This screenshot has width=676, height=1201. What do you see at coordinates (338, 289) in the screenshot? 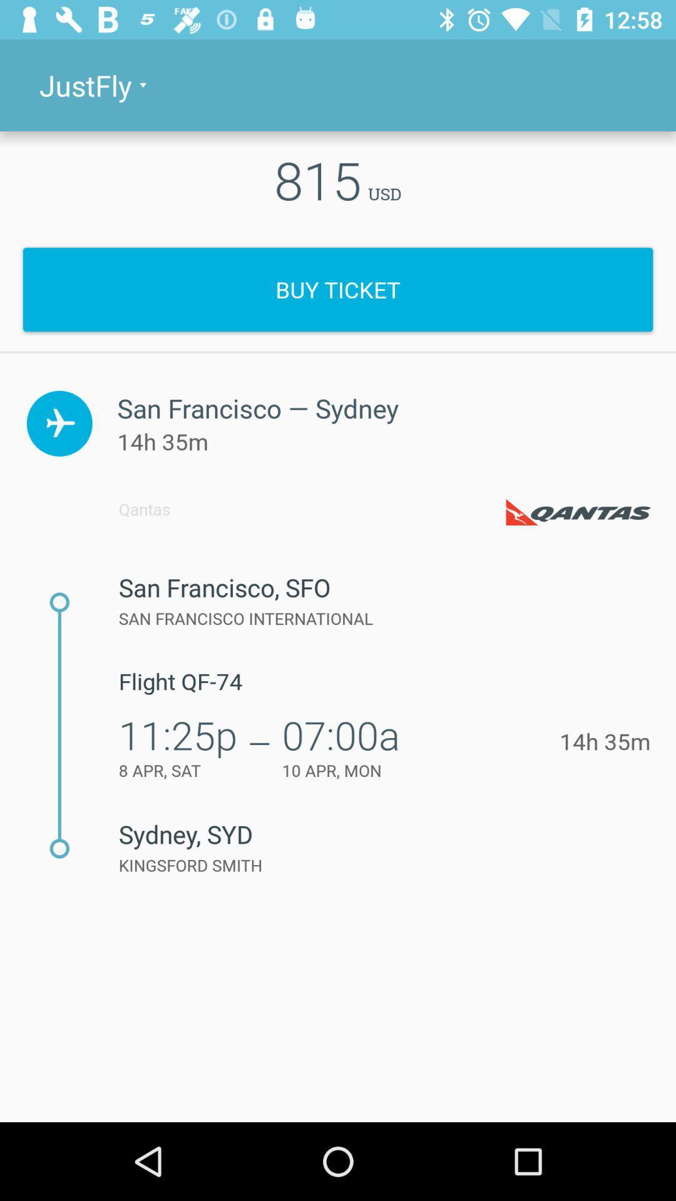
I see `the buy ticket icon` at bounding box center [338, 289].